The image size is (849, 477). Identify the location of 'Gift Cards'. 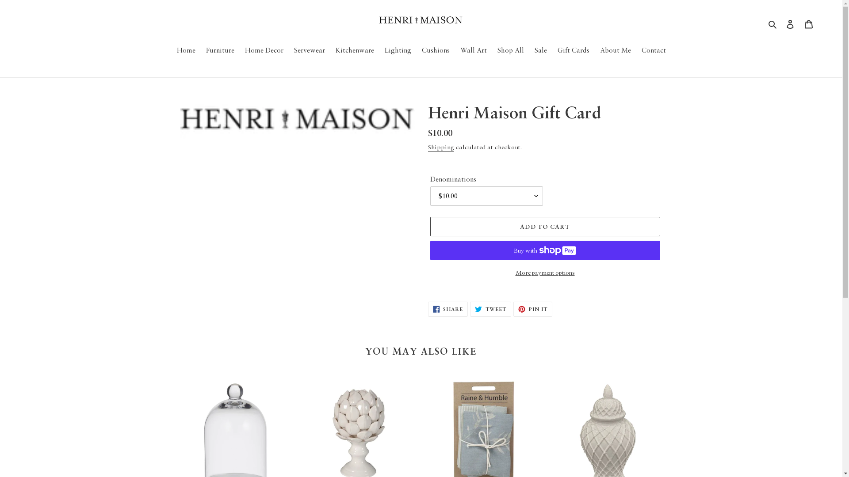
(552, 50).